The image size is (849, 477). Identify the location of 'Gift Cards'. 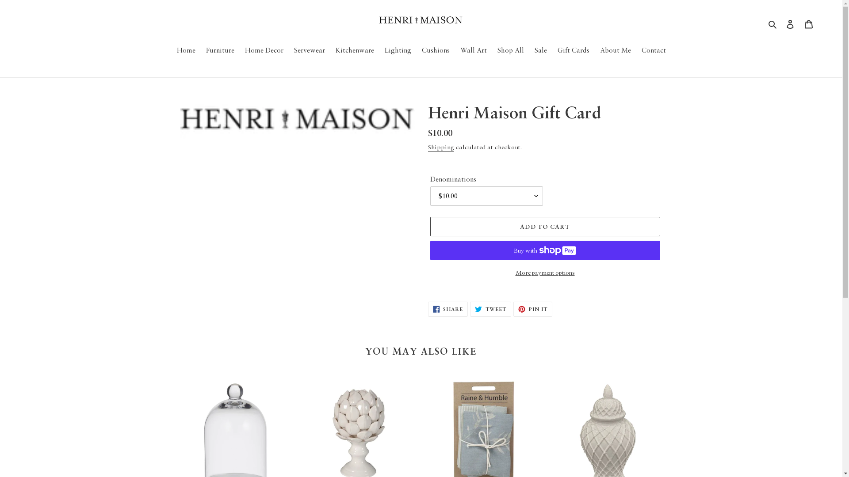
(552, 50).